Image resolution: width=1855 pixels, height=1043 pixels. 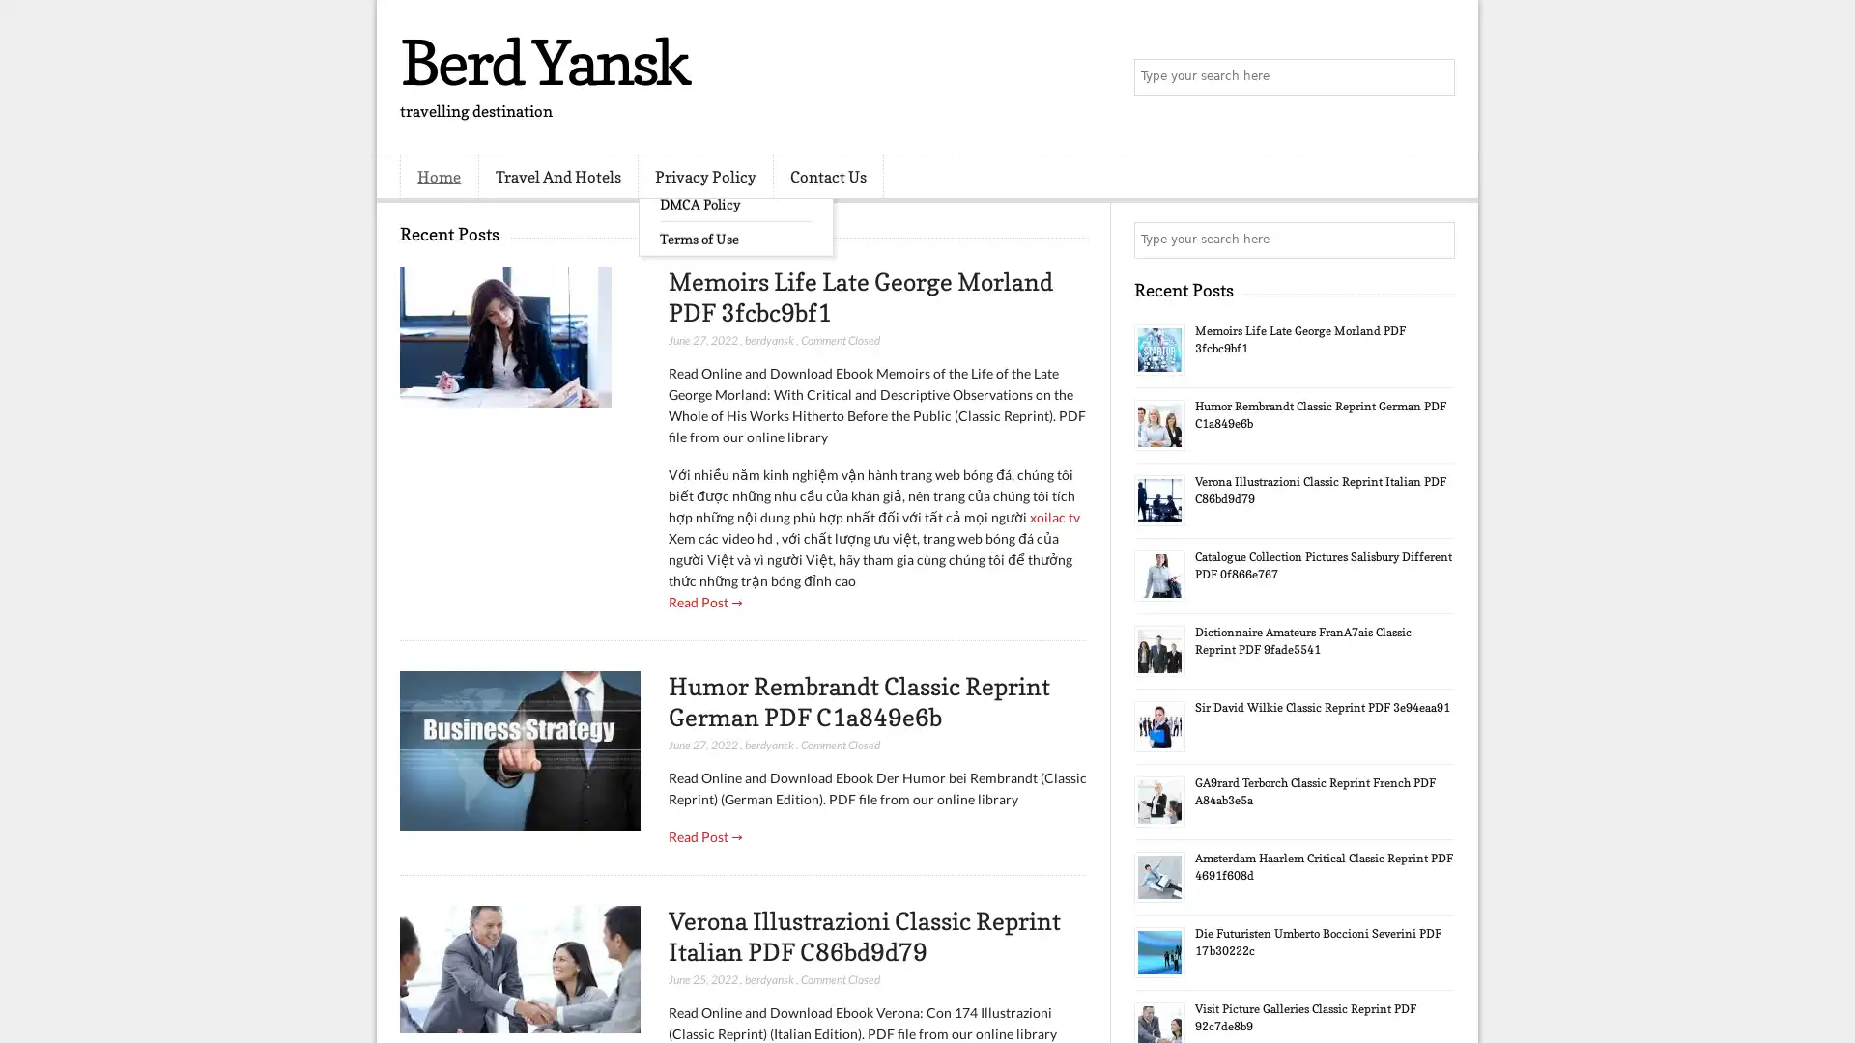 I want to click on Search, so click(x=1435, y=77).